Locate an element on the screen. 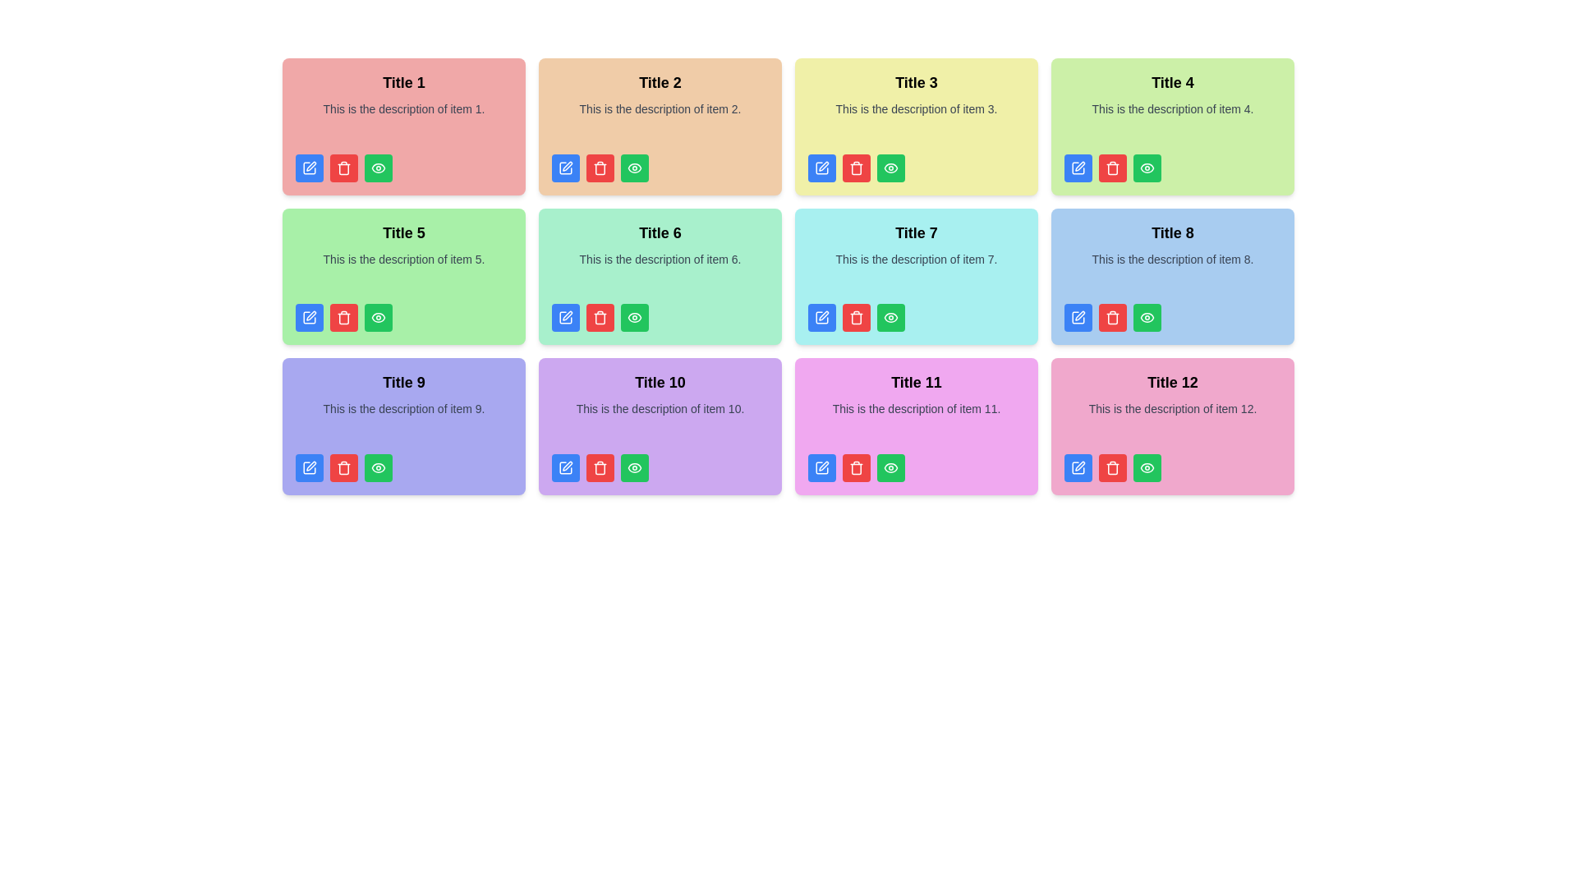 The image size is (1577, 887). the red rectangular button with a trash can icon, located below 'Title 8', to observe the hover effect is located at coordinates (1112, 467).